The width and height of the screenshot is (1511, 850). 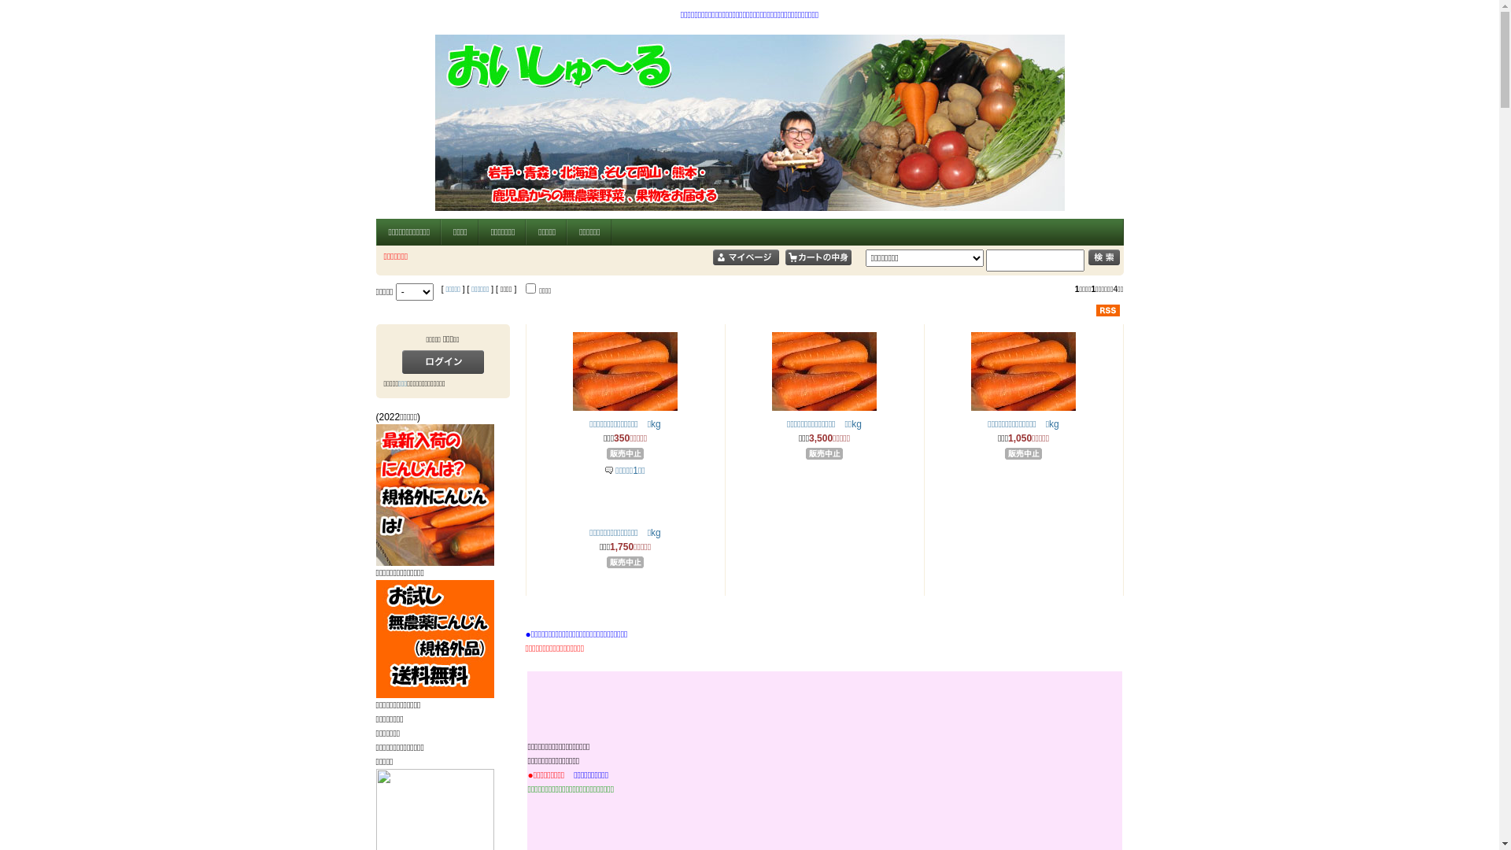 I want to click on '1', so click(x=530, y=288).